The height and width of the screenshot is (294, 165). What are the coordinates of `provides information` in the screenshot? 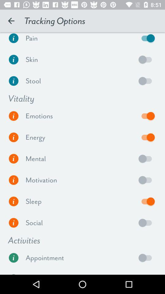 It's located at (13, 115).